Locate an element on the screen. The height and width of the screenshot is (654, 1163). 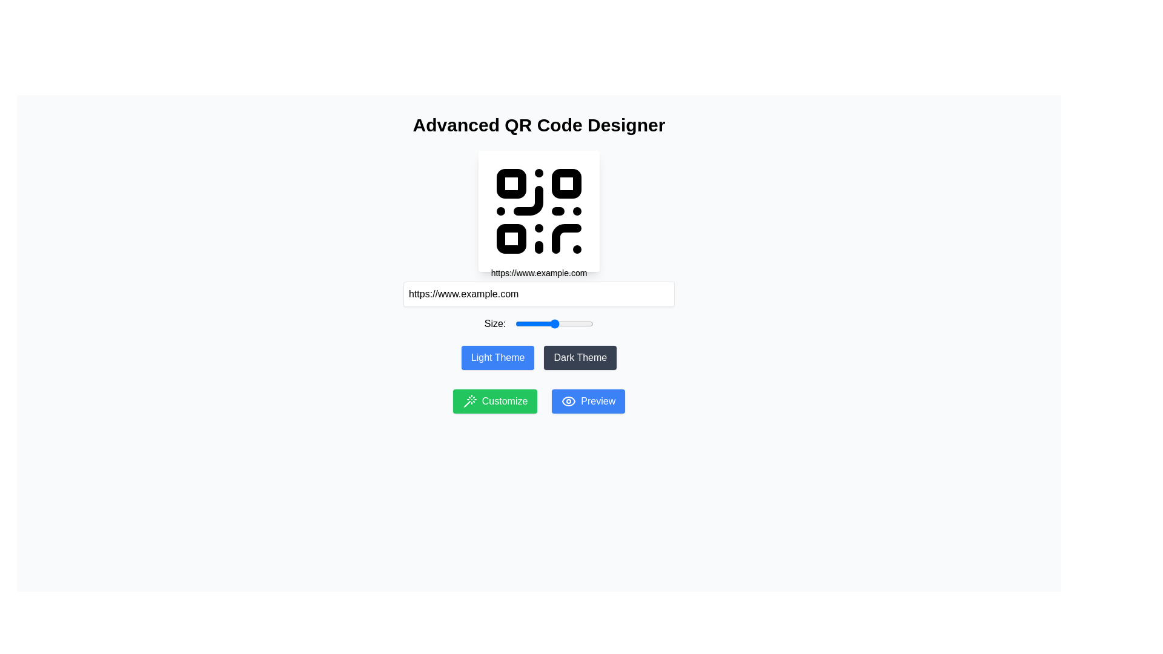
the visibility icon located at the edge of the navigation bar to view options is located at coordinates (568, 401).